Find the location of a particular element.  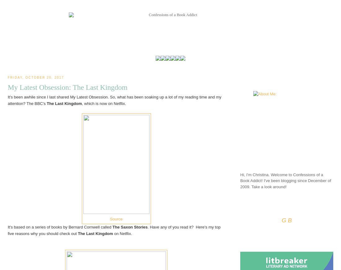

'B' is located at coordinates (290, 220).